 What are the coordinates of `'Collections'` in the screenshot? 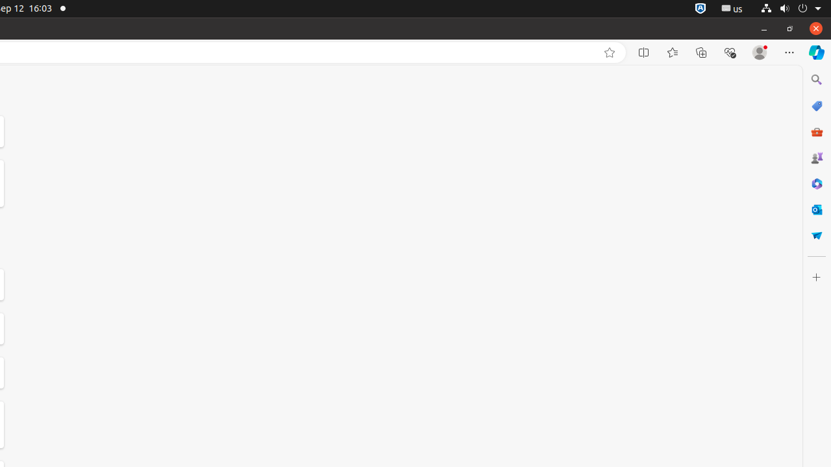 It's located at (701, 52).